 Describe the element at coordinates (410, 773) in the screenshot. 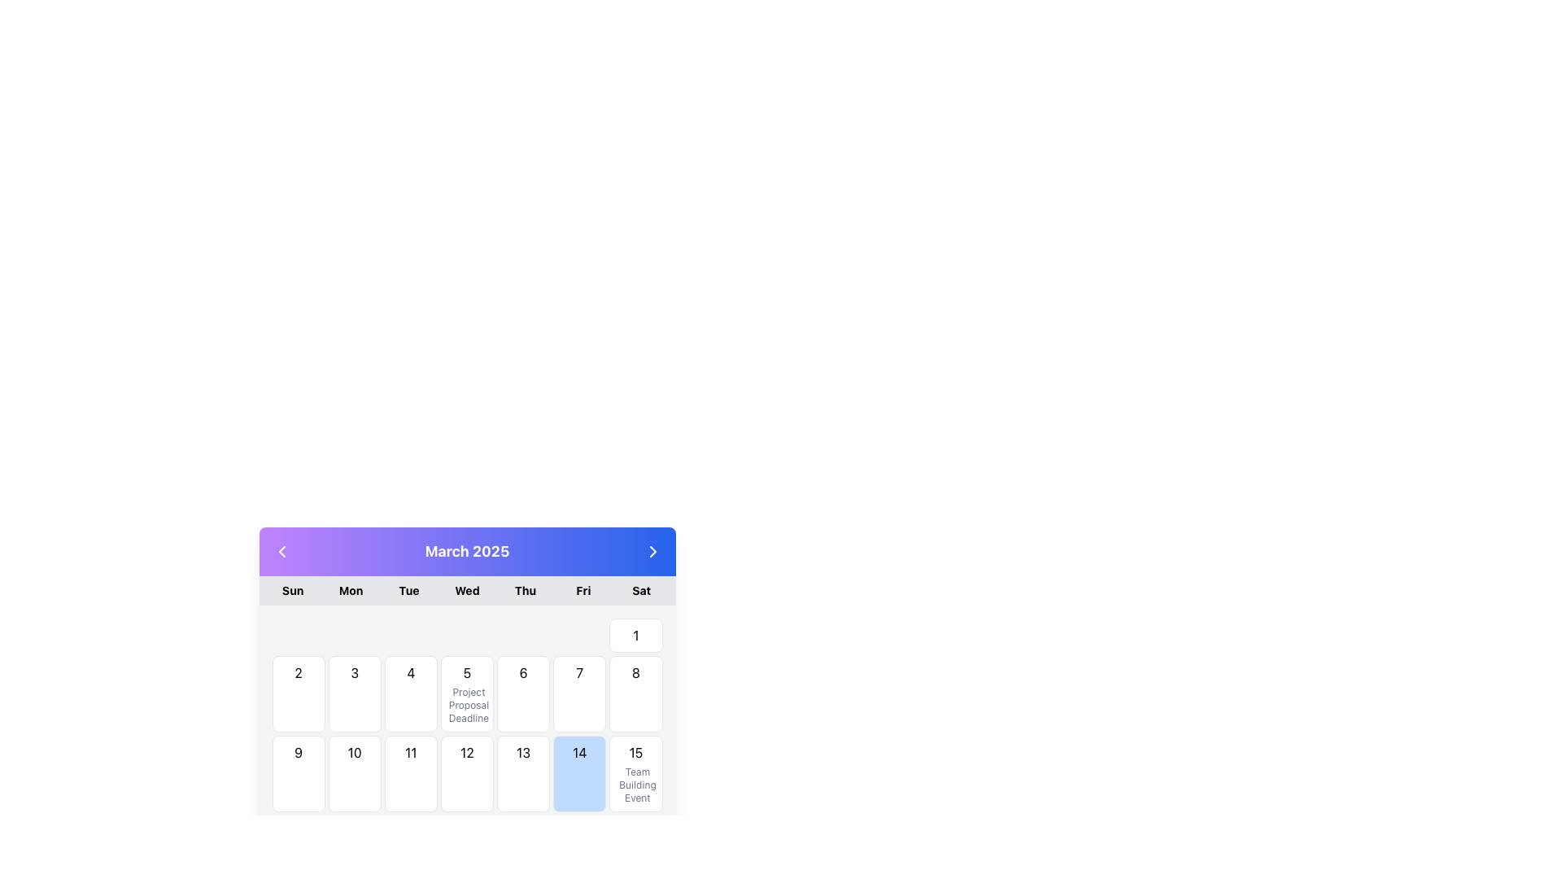

I see `the rectangular button displaying the number '11' in the calendar grid layout` at that location.